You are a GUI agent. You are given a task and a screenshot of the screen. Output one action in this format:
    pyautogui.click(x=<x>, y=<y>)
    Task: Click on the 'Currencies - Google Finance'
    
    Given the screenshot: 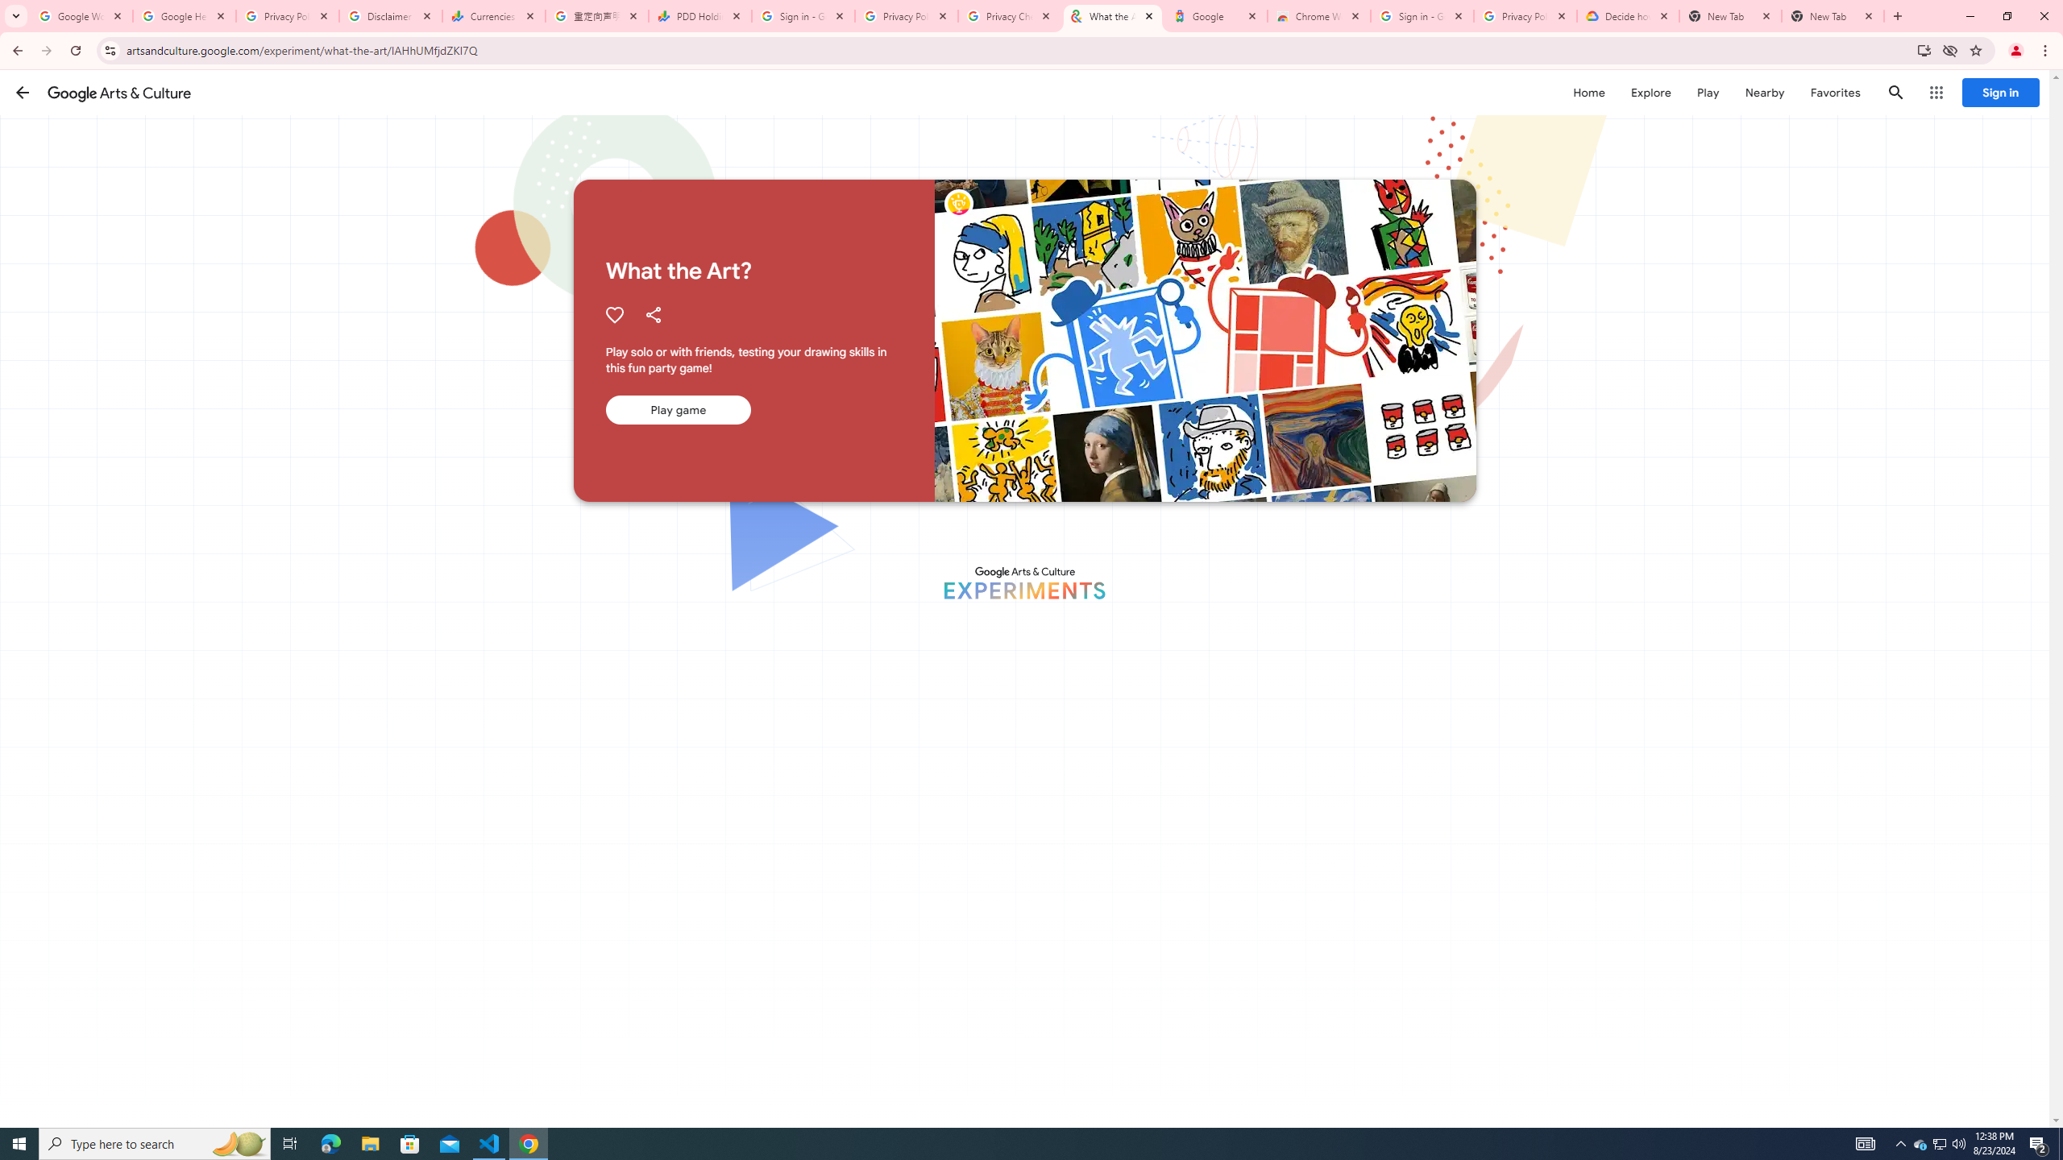 What is the action you would take?
    pyautogui.click(x=493, y=15)
    